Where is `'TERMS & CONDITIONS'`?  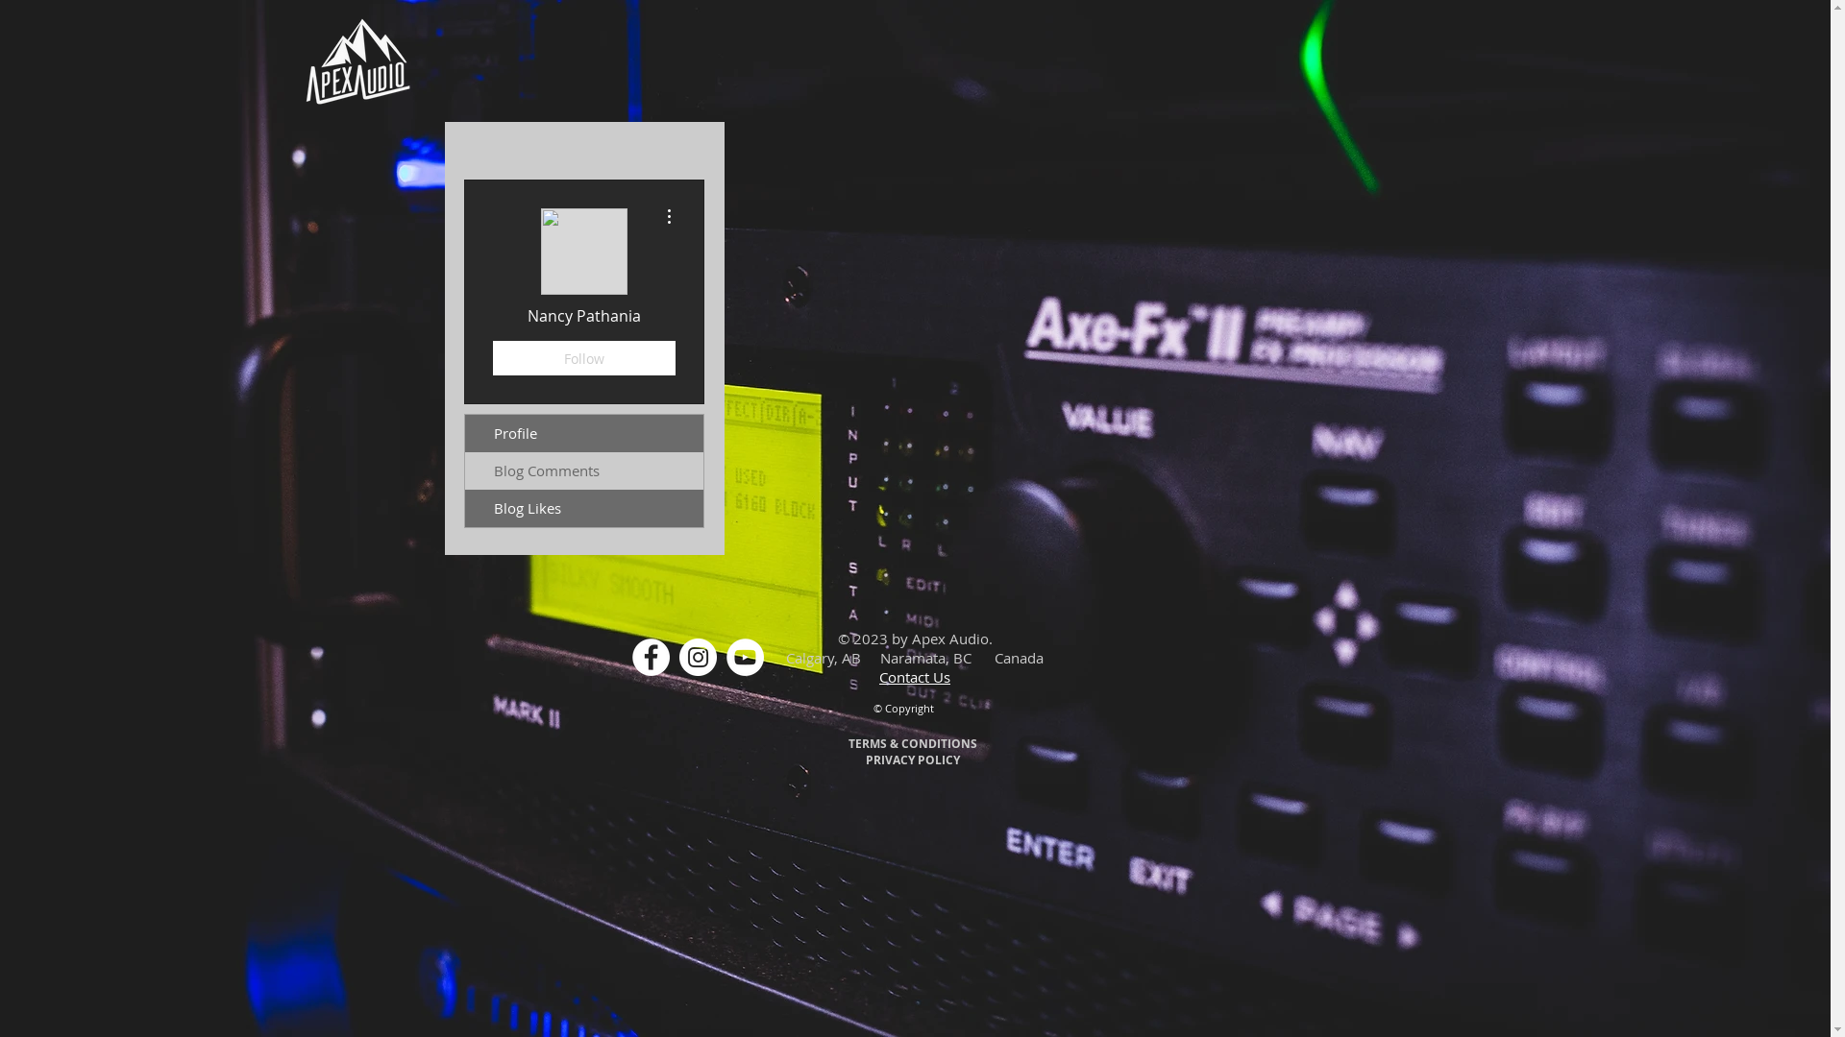
'TERMS & CONDITIONS' is located at coordinates (911, 742).